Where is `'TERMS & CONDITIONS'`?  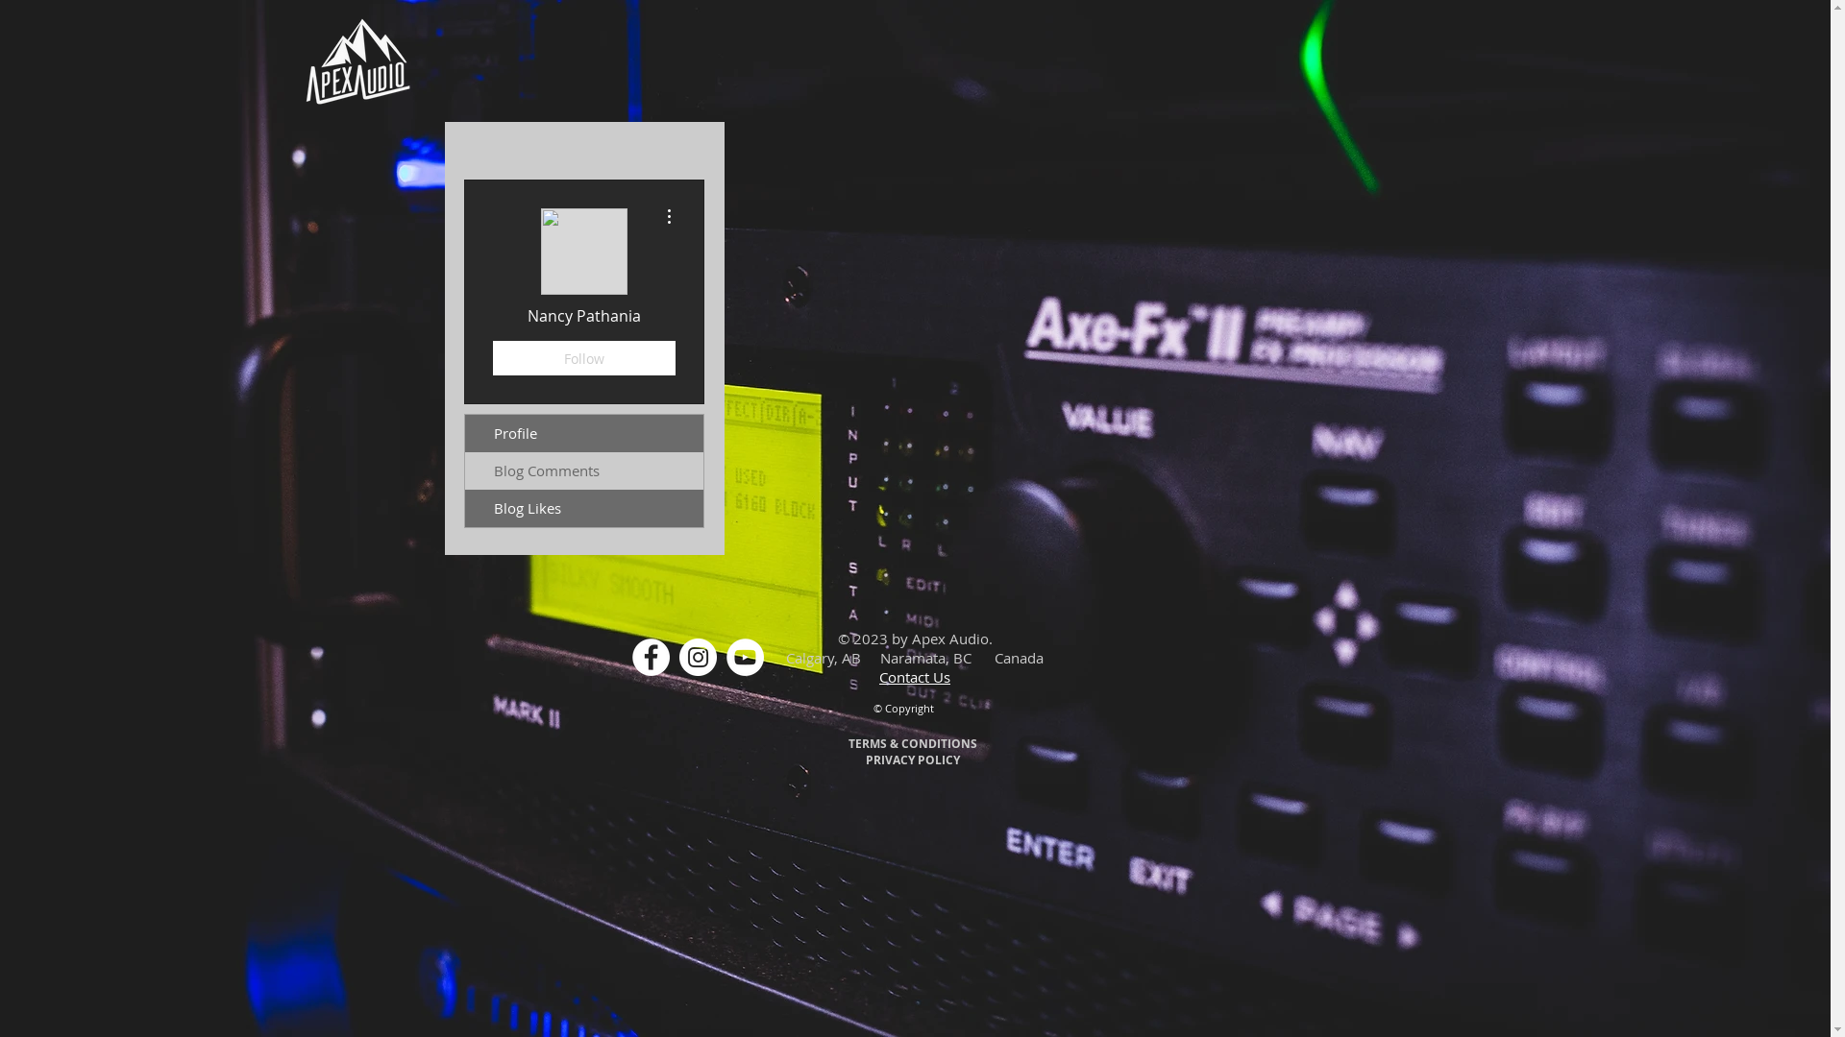
'TERMS & CONDITIONS' is located at coordinates (911, 742).